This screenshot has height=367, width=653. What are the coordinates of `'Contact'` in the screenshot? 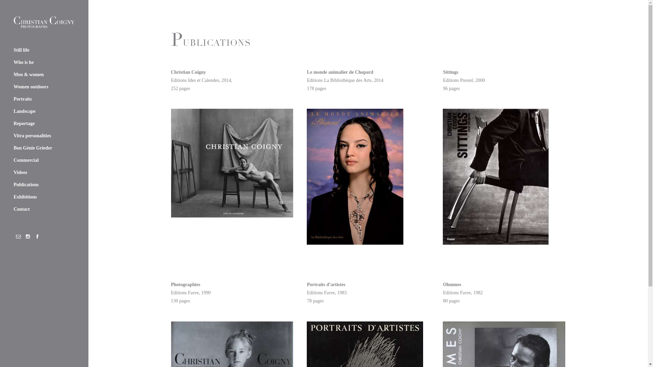 It's located at (13, 209).